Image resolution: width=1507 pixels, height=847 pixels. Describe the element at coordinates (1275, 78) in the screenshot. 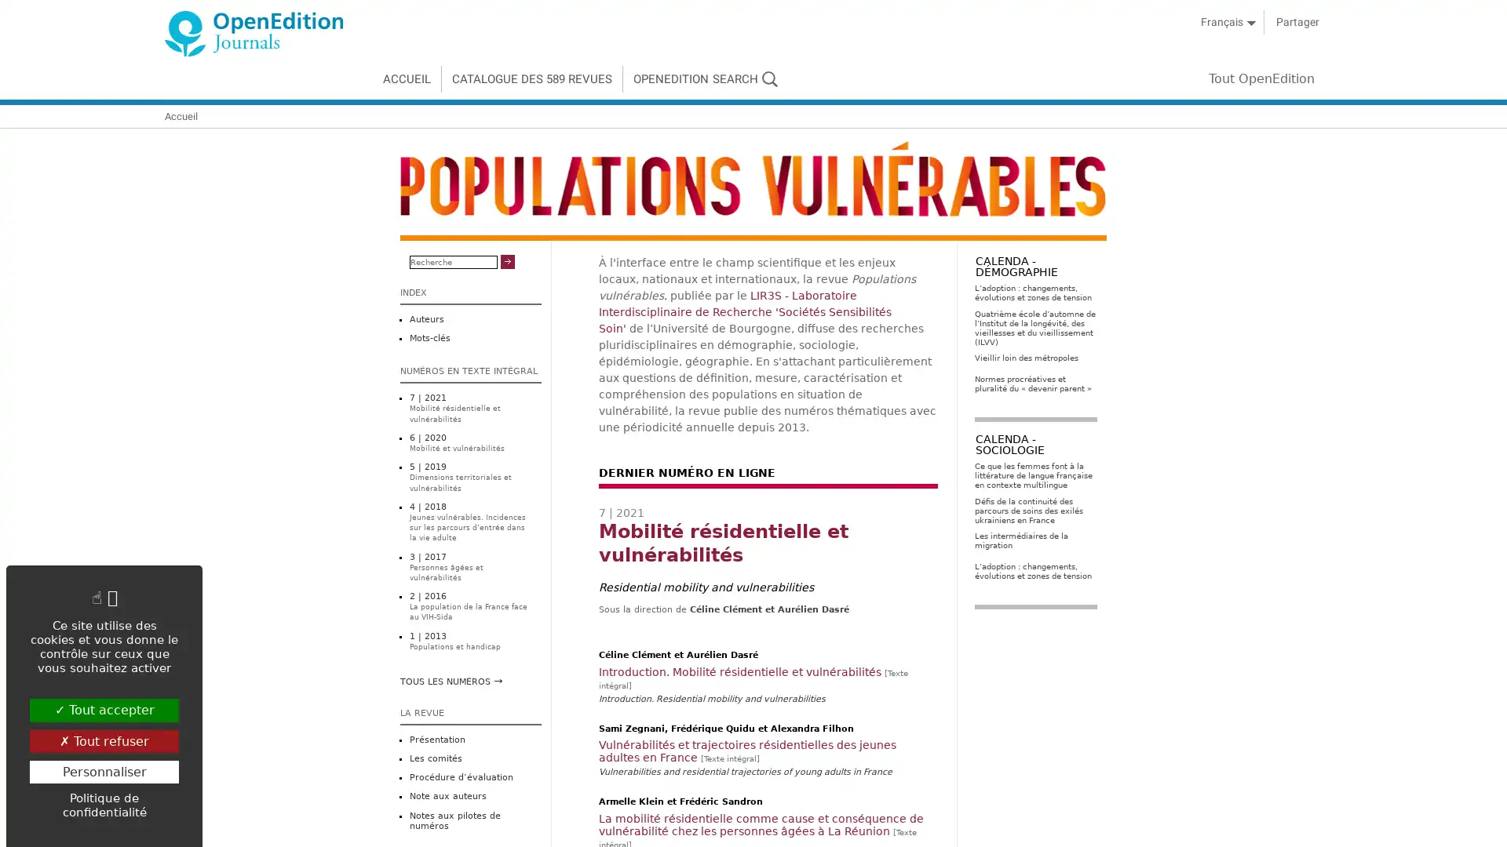

I see `Tout OpenEdition` at that location.